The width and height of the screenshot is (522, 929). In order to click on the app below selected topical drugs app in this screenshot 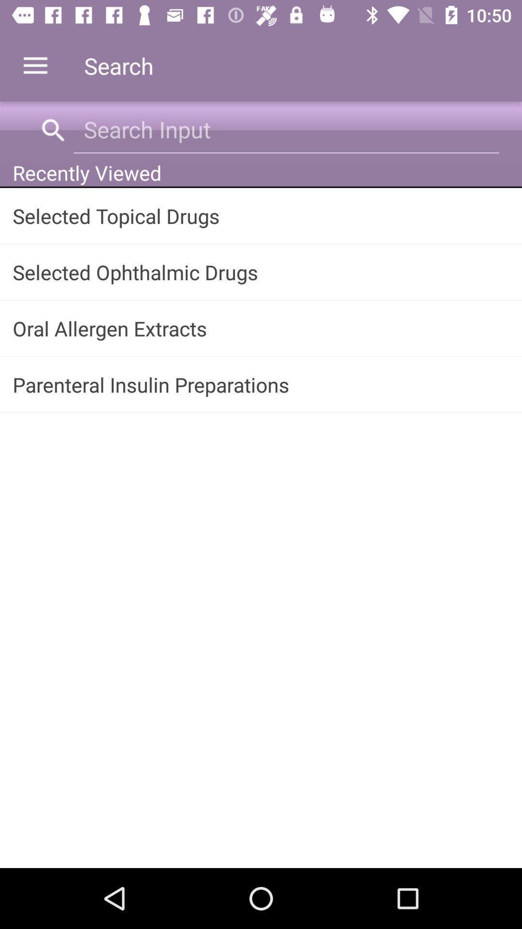, I will do `click(261, 271)`.